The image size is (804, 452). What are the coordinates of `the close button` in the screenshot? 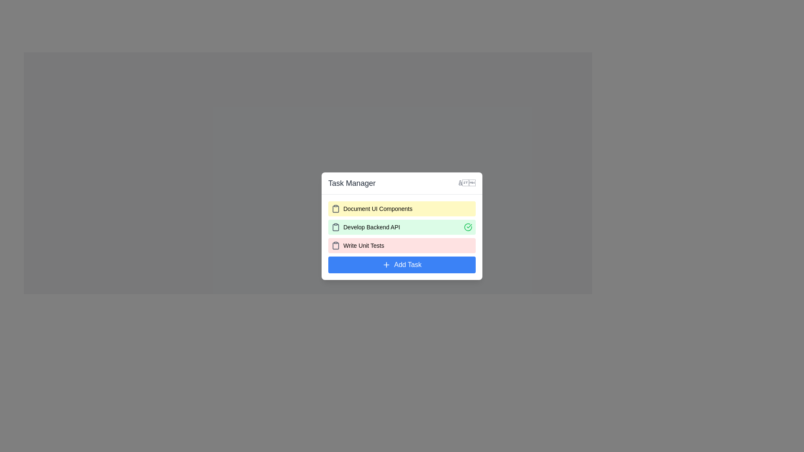 It's located at (466, 182).